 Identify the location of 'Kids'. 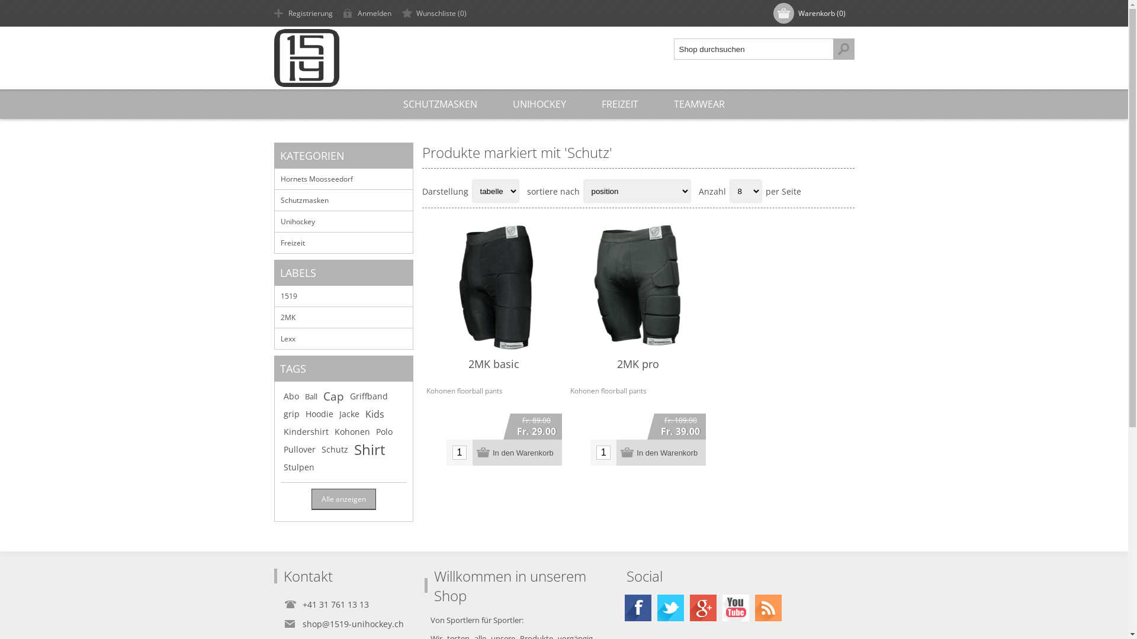
(374, 413).